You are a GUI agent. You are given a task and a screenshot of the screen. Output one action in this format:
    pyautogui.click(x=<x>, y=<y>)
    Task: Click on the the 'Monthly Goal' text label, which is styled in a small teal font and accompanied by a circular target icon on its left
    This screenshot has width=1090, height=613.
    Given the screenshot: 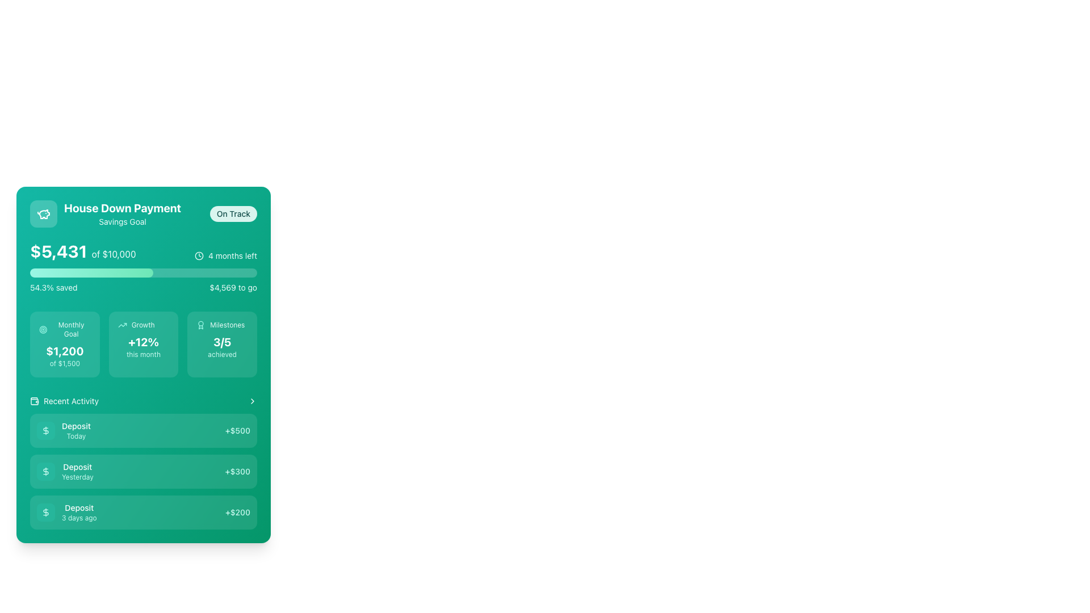 What is the action you would take?
    pyautogui.click(x=64, y=330)
    